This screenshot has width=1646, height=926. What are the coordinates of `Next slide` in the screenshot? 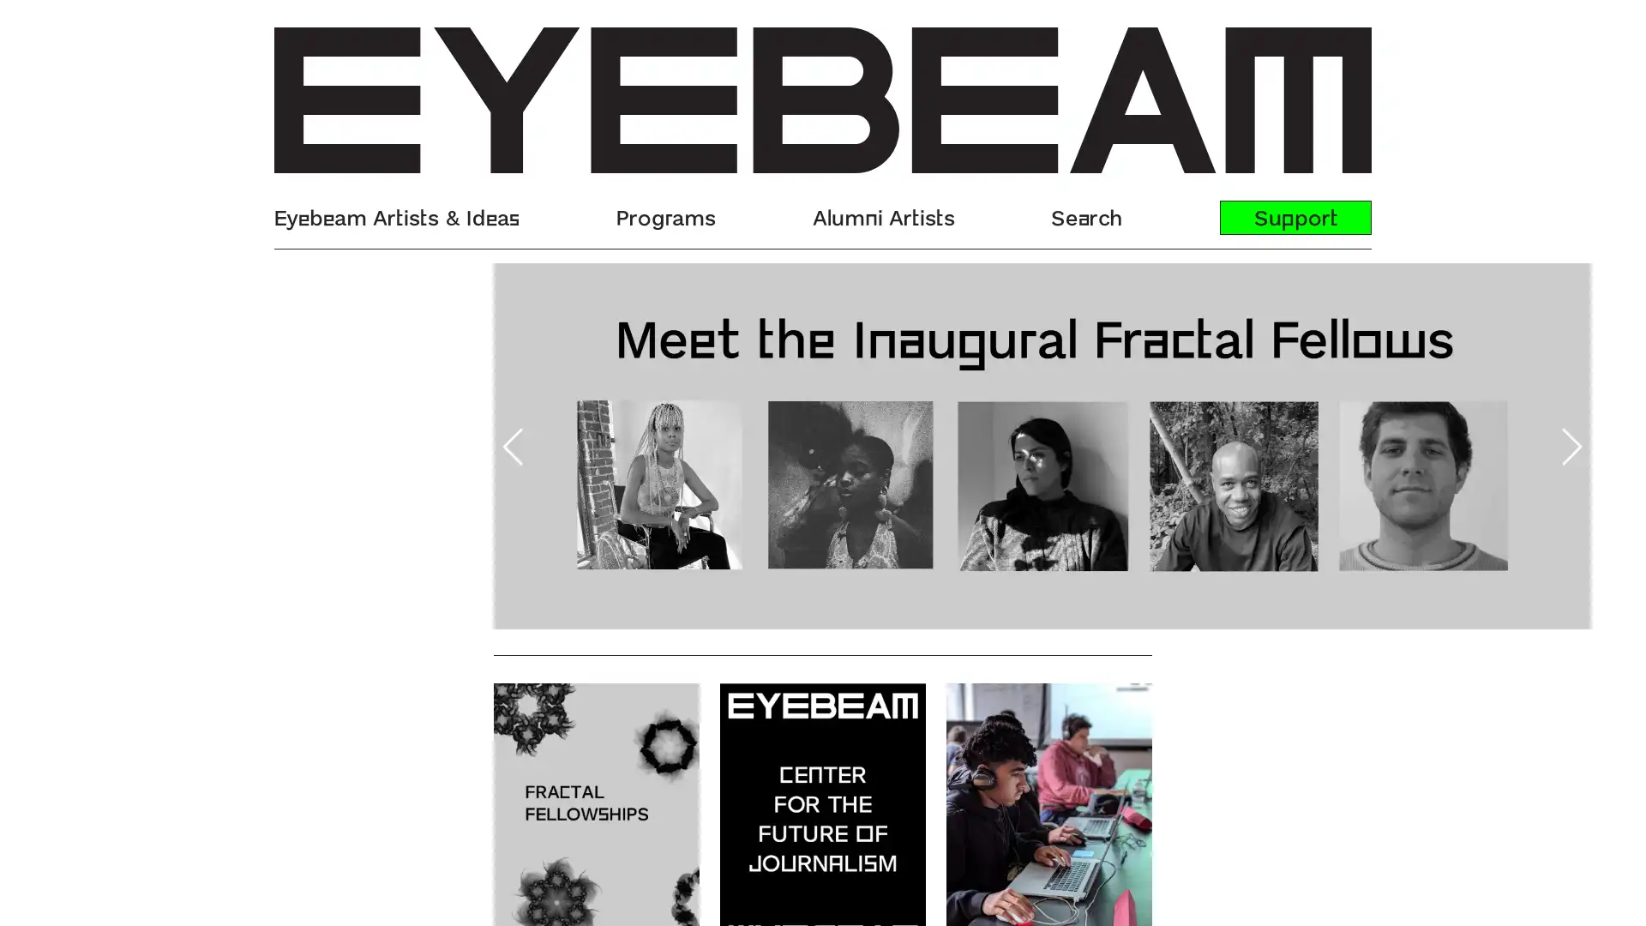 It's located at (1350, 445).